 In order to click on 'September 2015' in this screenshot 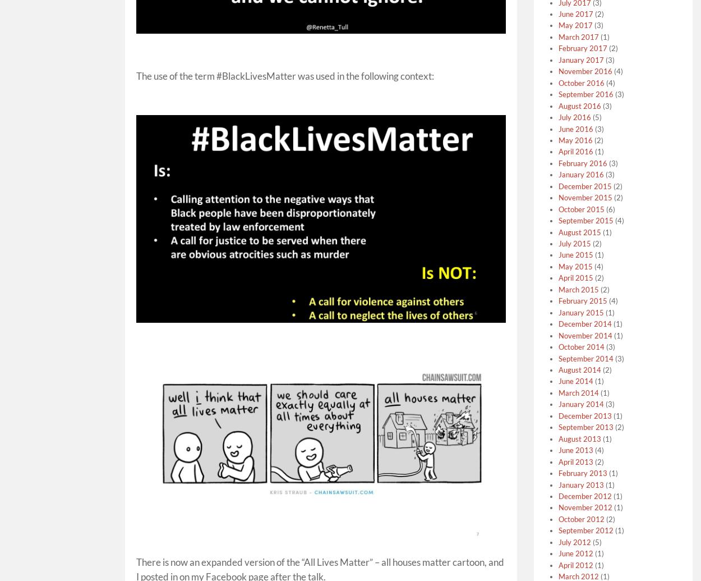, I will do `click(586, 220)`.